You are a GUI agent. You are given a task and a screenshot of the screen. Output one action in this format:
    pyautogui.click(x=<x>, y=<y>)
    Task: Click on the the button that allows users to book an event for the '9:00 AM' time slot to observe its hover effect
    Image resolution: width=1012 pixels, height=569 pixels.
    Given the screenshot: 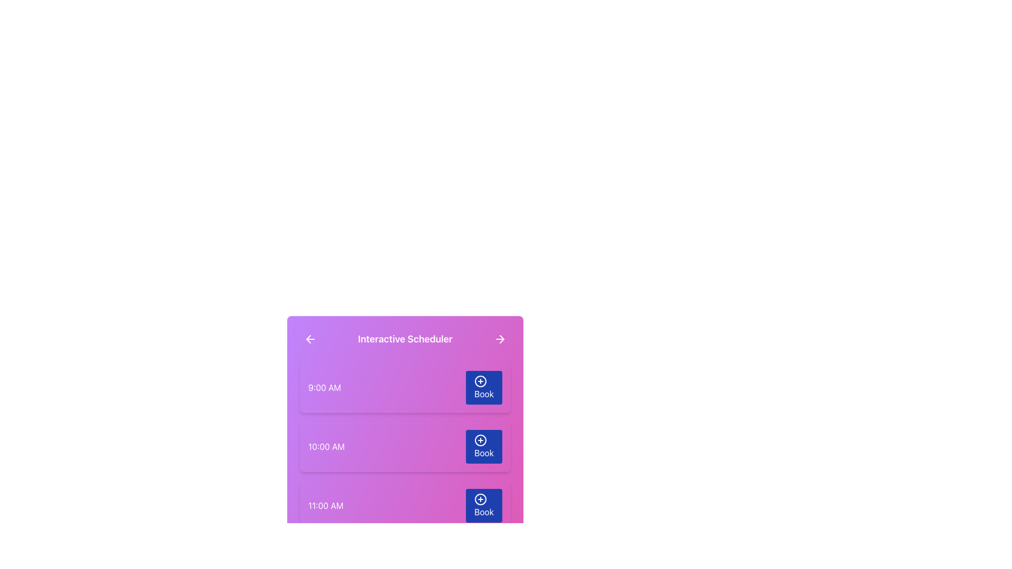 What is the action you would take?
    pyautogui.click(x=483, y=388)
    